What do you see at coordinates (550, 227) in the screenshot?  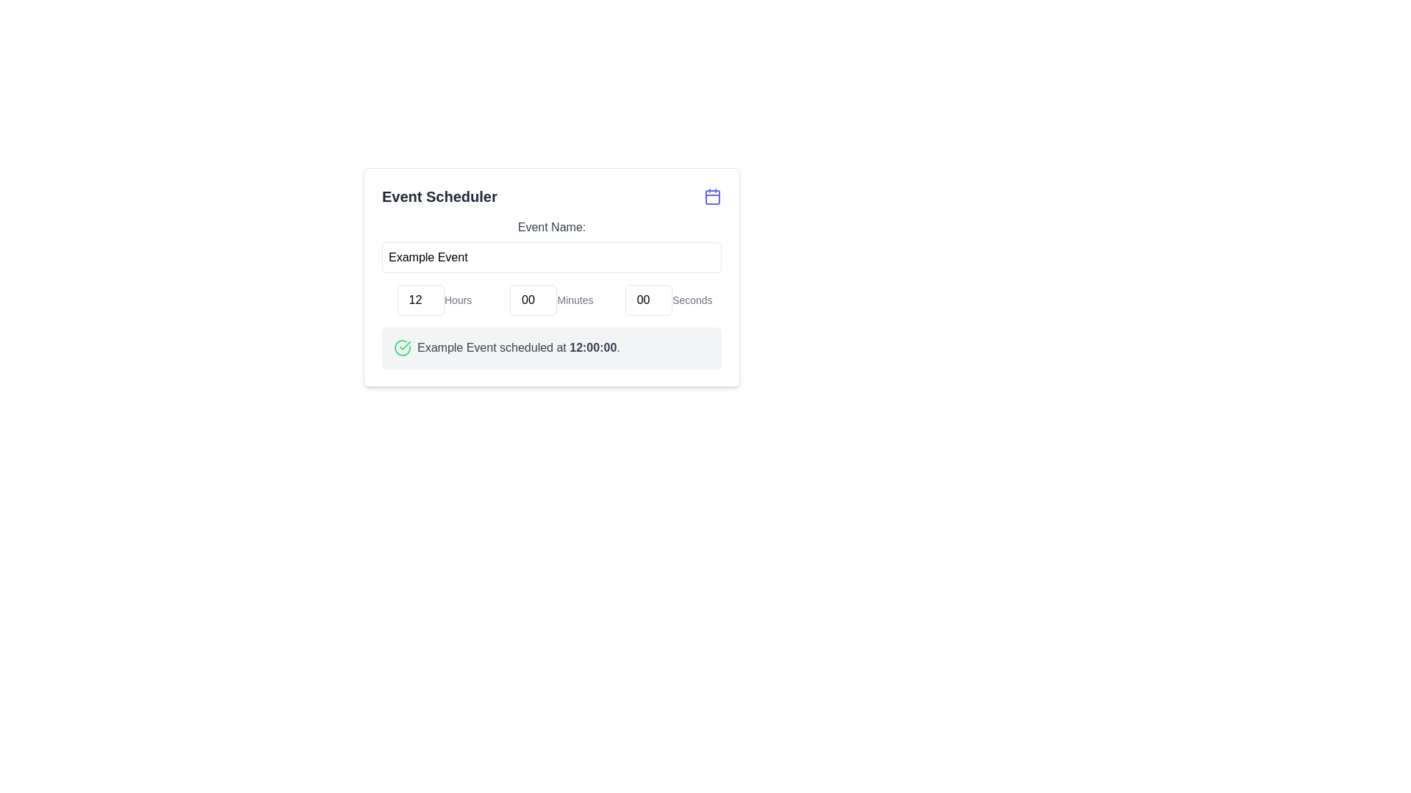 I see `the text label reading 'Event Name:' which is styled in gray color and positioned above the text input field` at bounding box center [550, 227].